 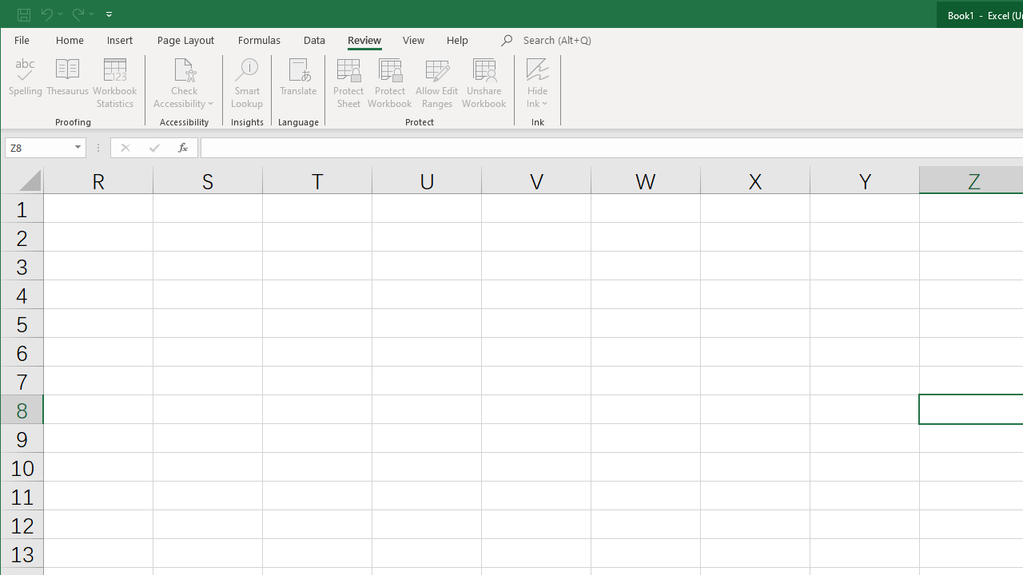 I want to click on 'Unshare Workbook', so click(x=484, y=83).